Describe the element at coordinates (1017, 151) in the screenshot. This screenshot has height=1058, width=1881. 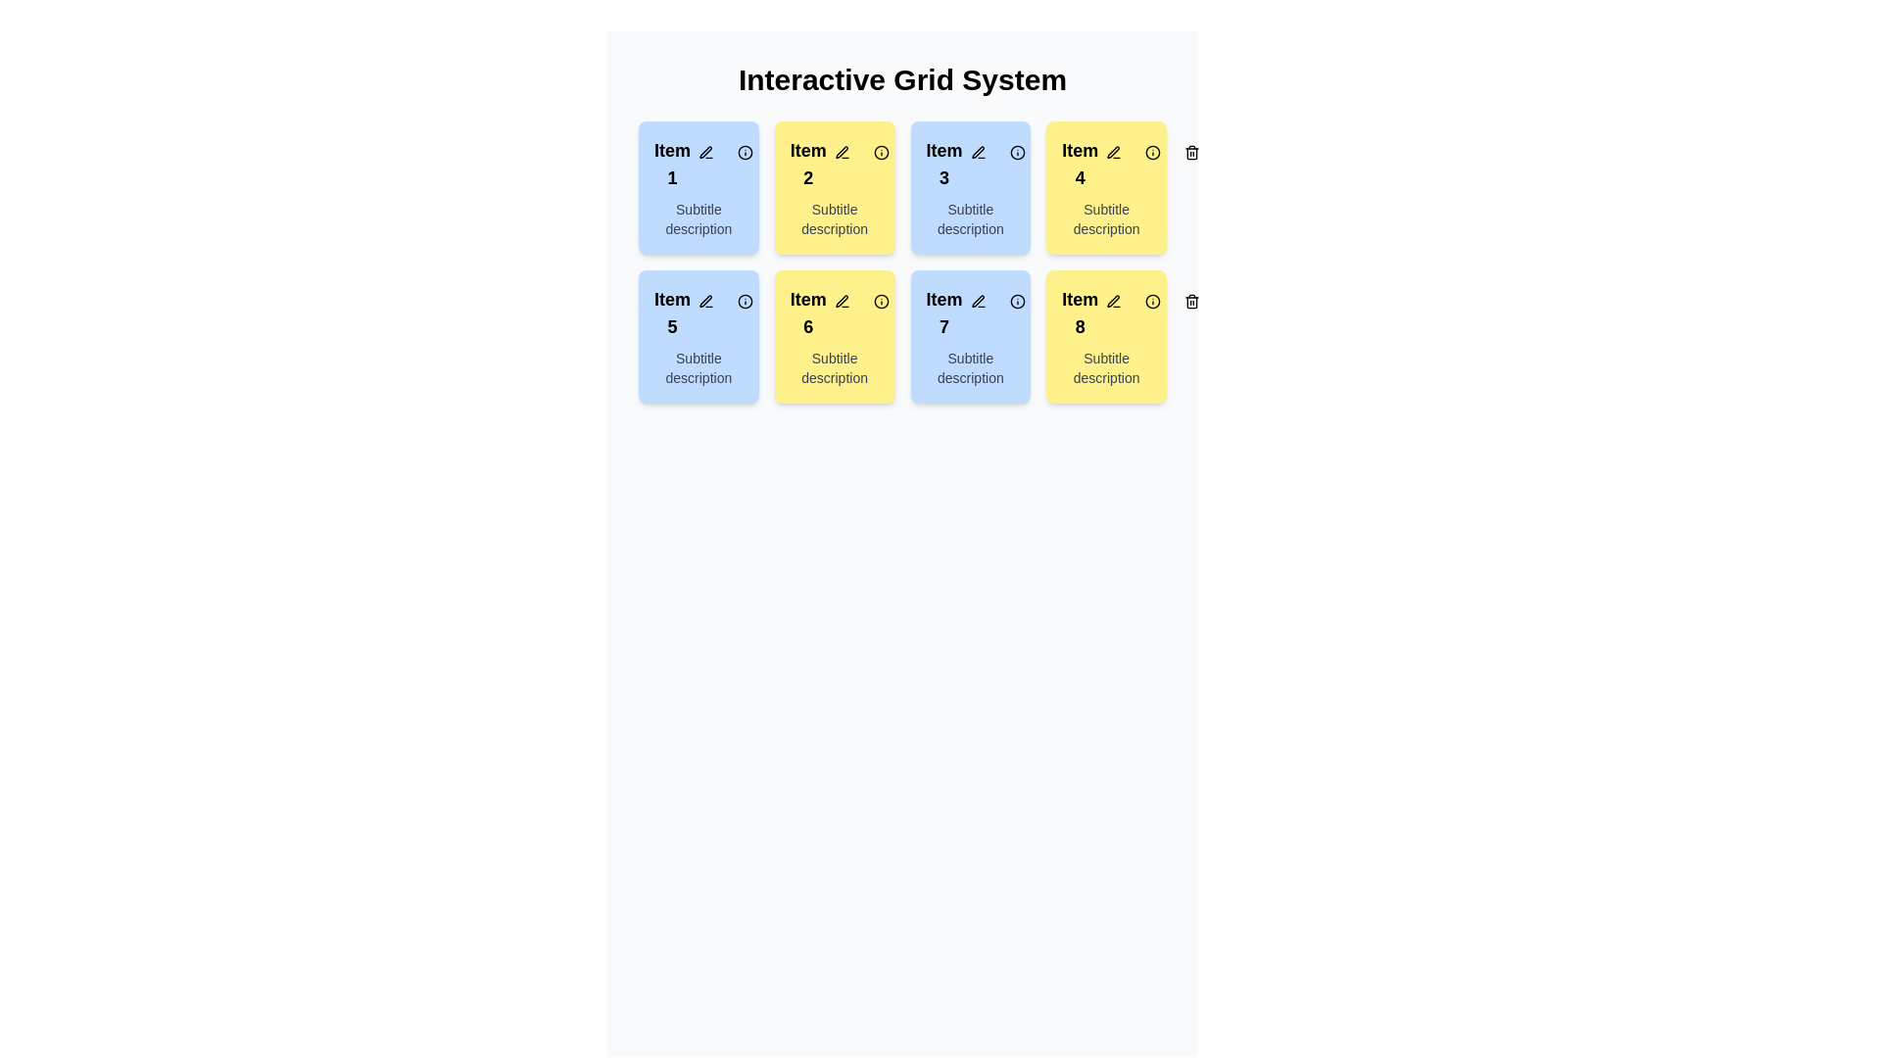
I see `the informational icon located in the top-right corner of the third card in the first row` at that location.